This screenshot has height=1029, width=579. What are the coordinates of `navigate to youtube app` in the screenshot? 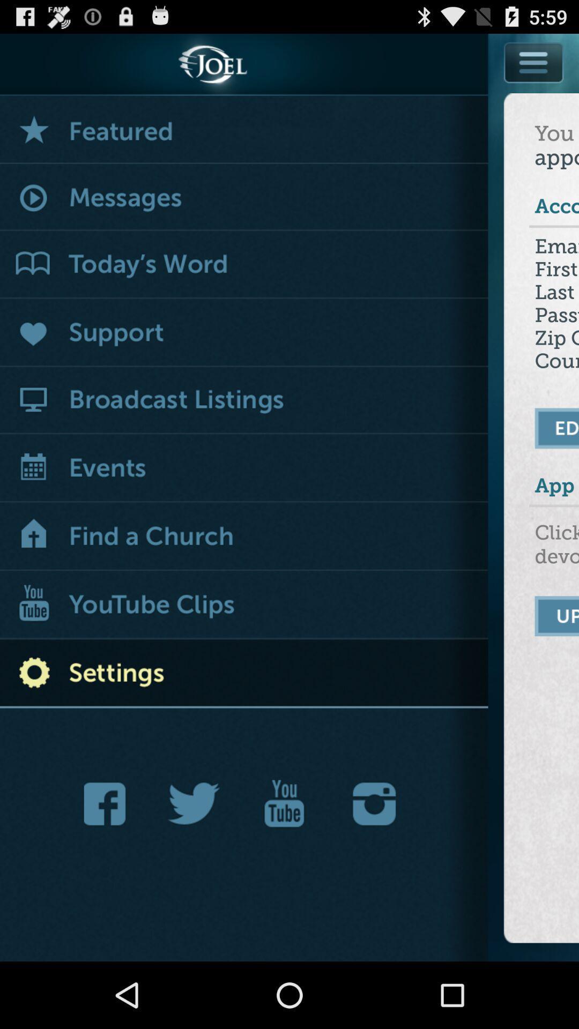 It's located at (284, 803).